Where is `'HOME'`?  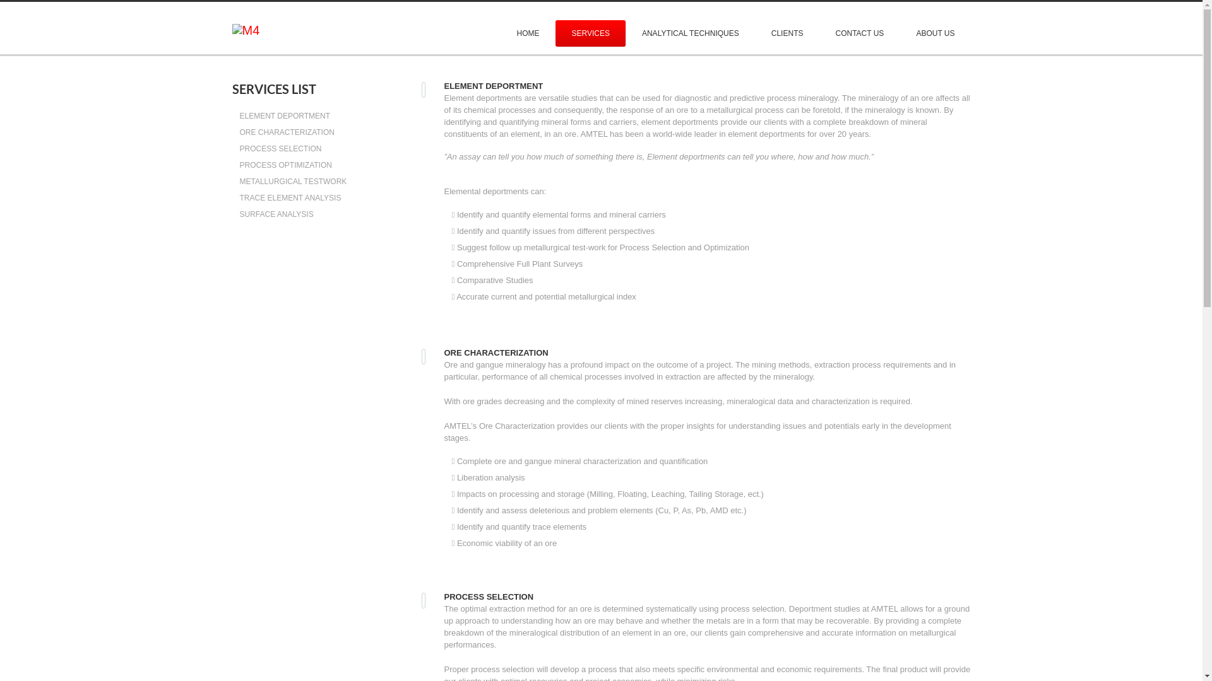
'HOME' is located at coordinates (527, 33).